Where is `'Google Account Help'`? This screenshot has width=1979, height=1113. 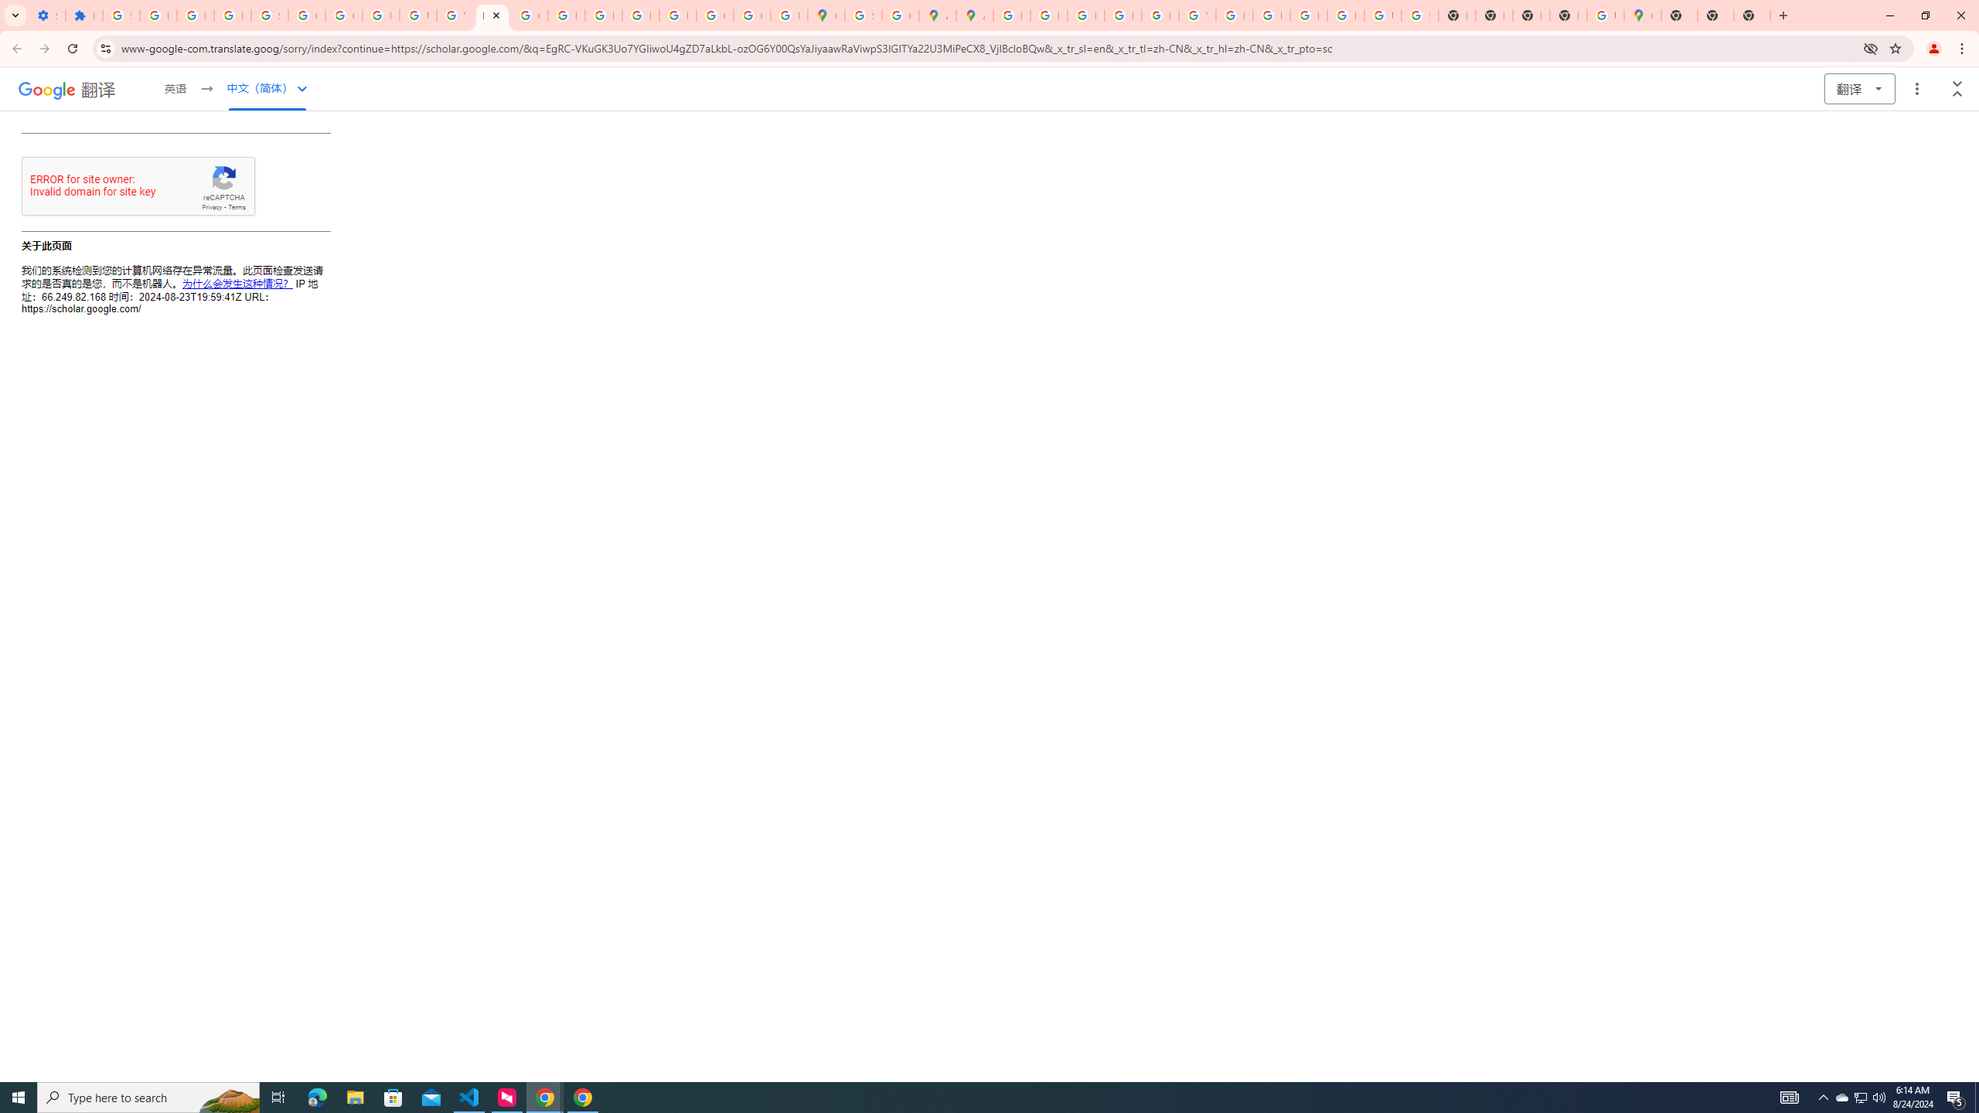 'Google Account Help' is located at coordinates (305, 15).